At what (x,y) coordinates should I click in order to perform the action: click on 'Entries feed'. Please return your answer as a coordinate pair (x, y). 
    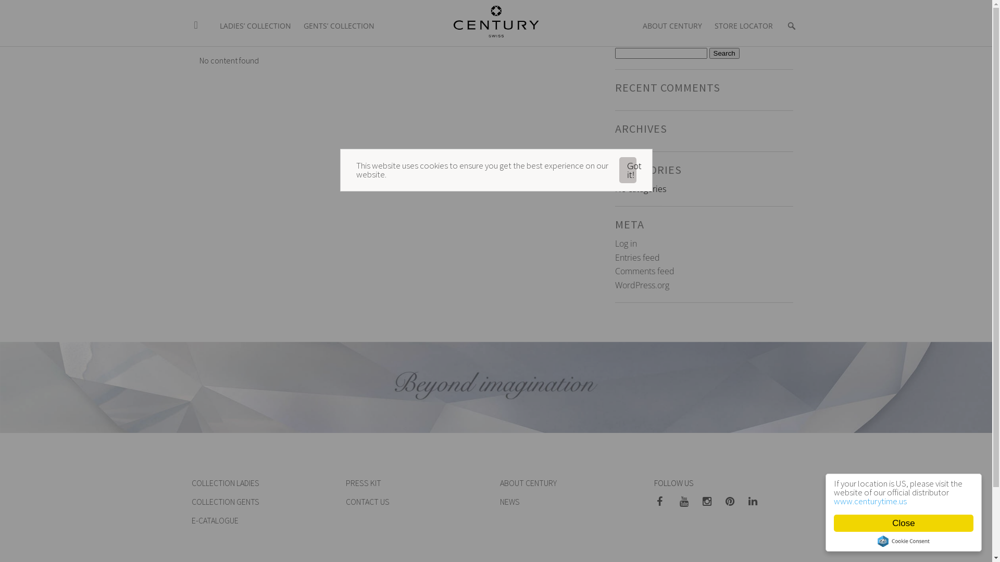
    Looking at the image, I should click on (636, 257).